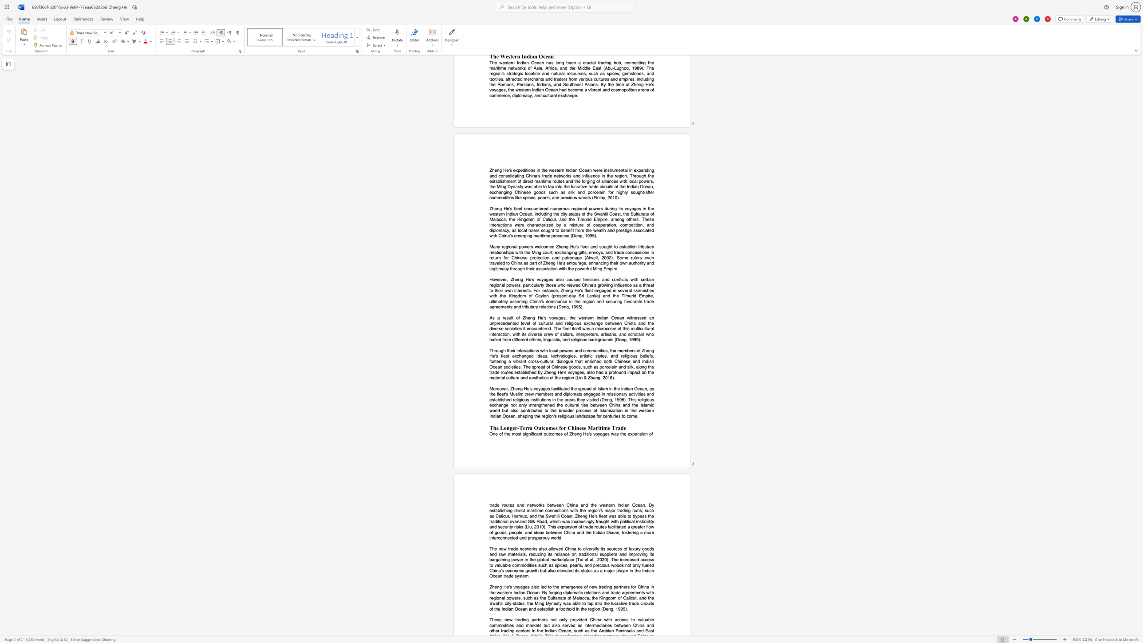  What do you see at coordinates (507, 510) in the screenshot?
I see `the subset text "ng" within the text "establishing"` at bounding box center [507, 510].